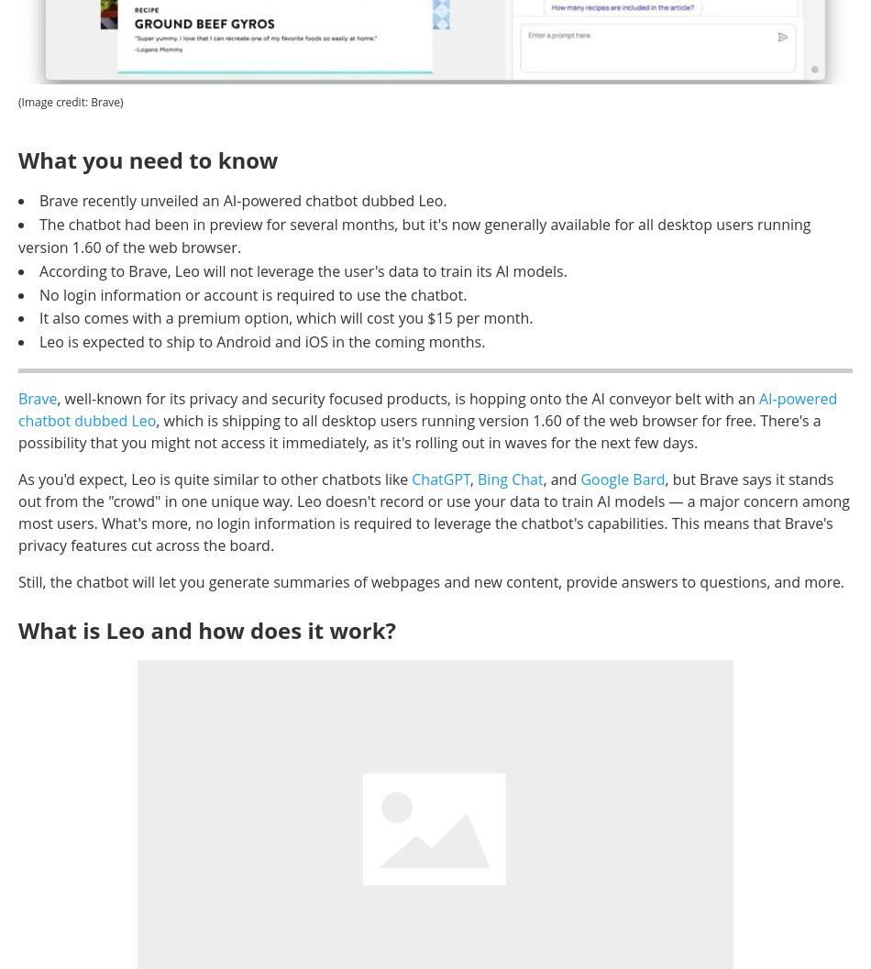 The height and width of the screenshot is (969, 871). Describe the element at coordinates (432, 582) in the screenshot. I see `'Still, the chatbot will let you generate summaries of webpages and new content, provide answers to questions, and more.'` at that location.